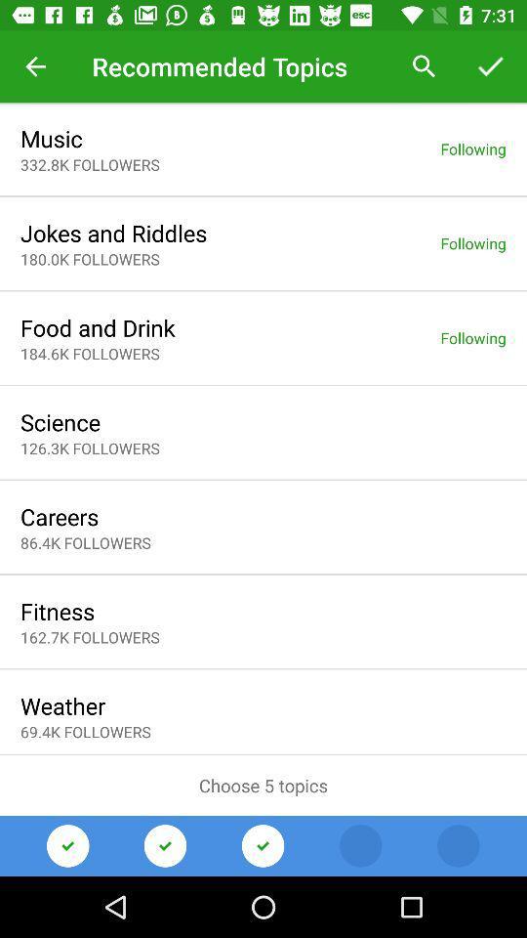 This screenshot has height=938, width=527. What do you see at coordinates (424, 66) in the screenshot?
I see `the item next to the recommended topics` at bounding box center [424, 66].